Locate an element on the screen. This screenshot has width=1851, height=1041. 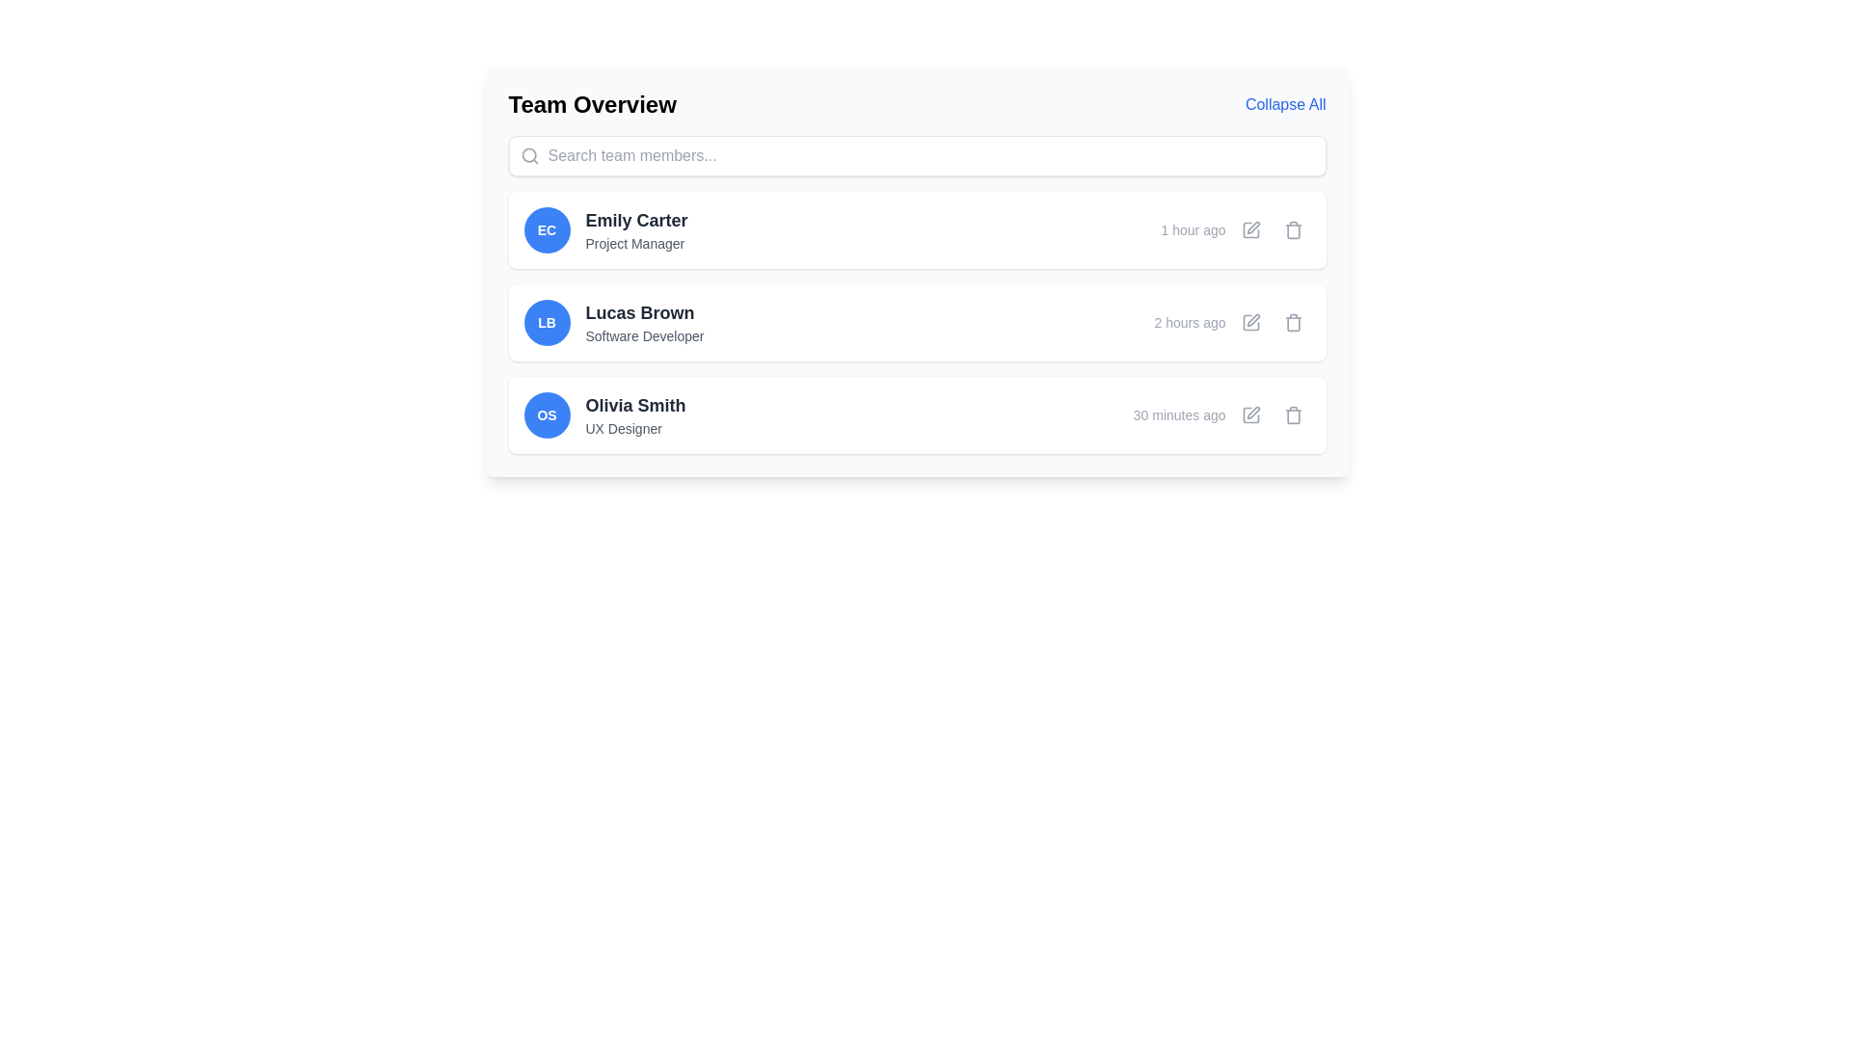
the static text label that indicates the job title of Emily Carter, which is positioned below her name in the second row of team members is located at coordinates (636, 243).